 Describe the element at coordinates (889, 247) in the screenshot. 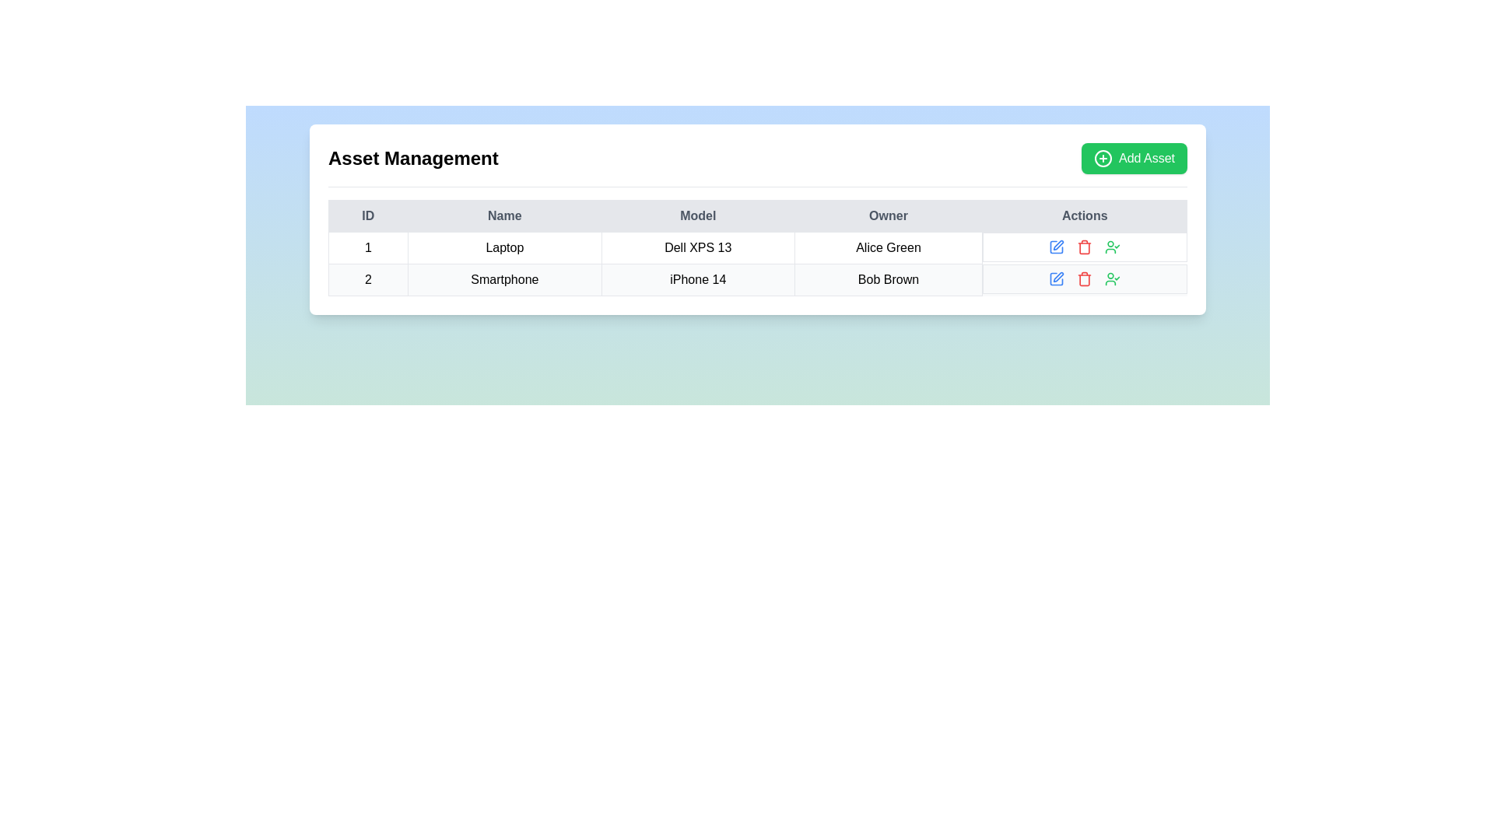

I see `the text label displaying 'Alice Green' located in the 'Owner' column of the 'Dell XPS 13' model row` at that location.